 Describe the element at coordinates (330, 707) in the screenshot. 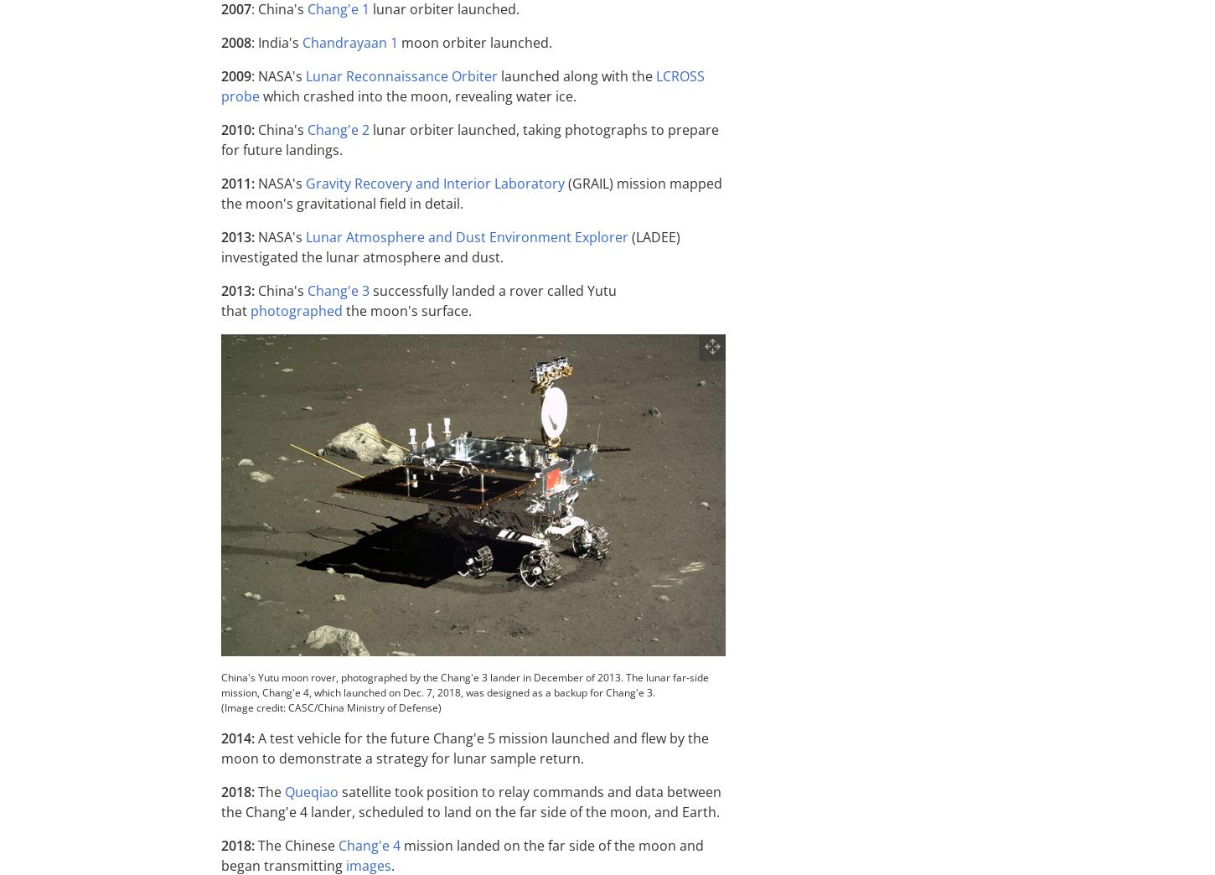

I see `'(Image credit: CASC/China Ministry of Defense)'` at that location.